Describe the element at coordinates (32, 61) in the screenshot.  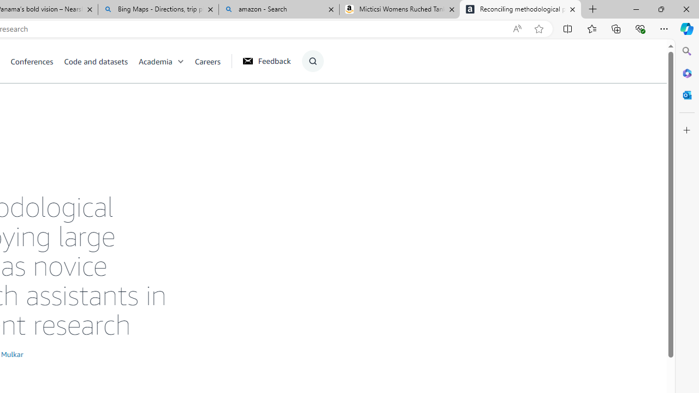
I see `'Conferences'` at that location.